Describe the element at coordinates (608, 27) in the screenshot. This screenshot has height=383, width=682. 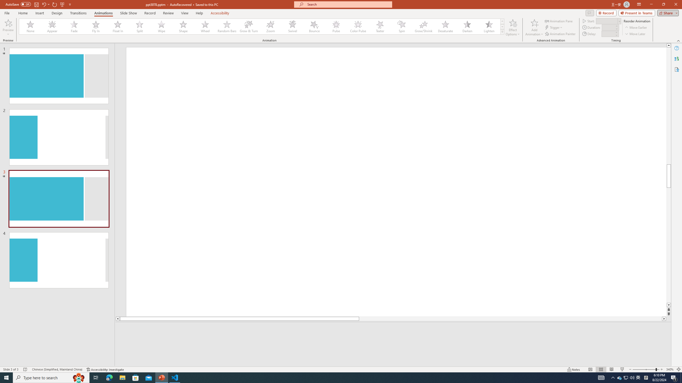
I see `'Animation Duration'` at that location.